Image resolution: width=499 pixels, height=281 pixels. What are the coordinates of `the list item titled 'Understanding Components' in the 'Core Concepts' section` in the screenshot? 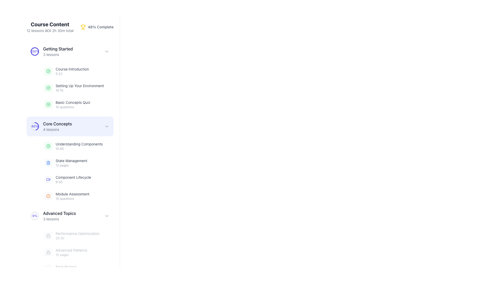 It's located at (77, 146).